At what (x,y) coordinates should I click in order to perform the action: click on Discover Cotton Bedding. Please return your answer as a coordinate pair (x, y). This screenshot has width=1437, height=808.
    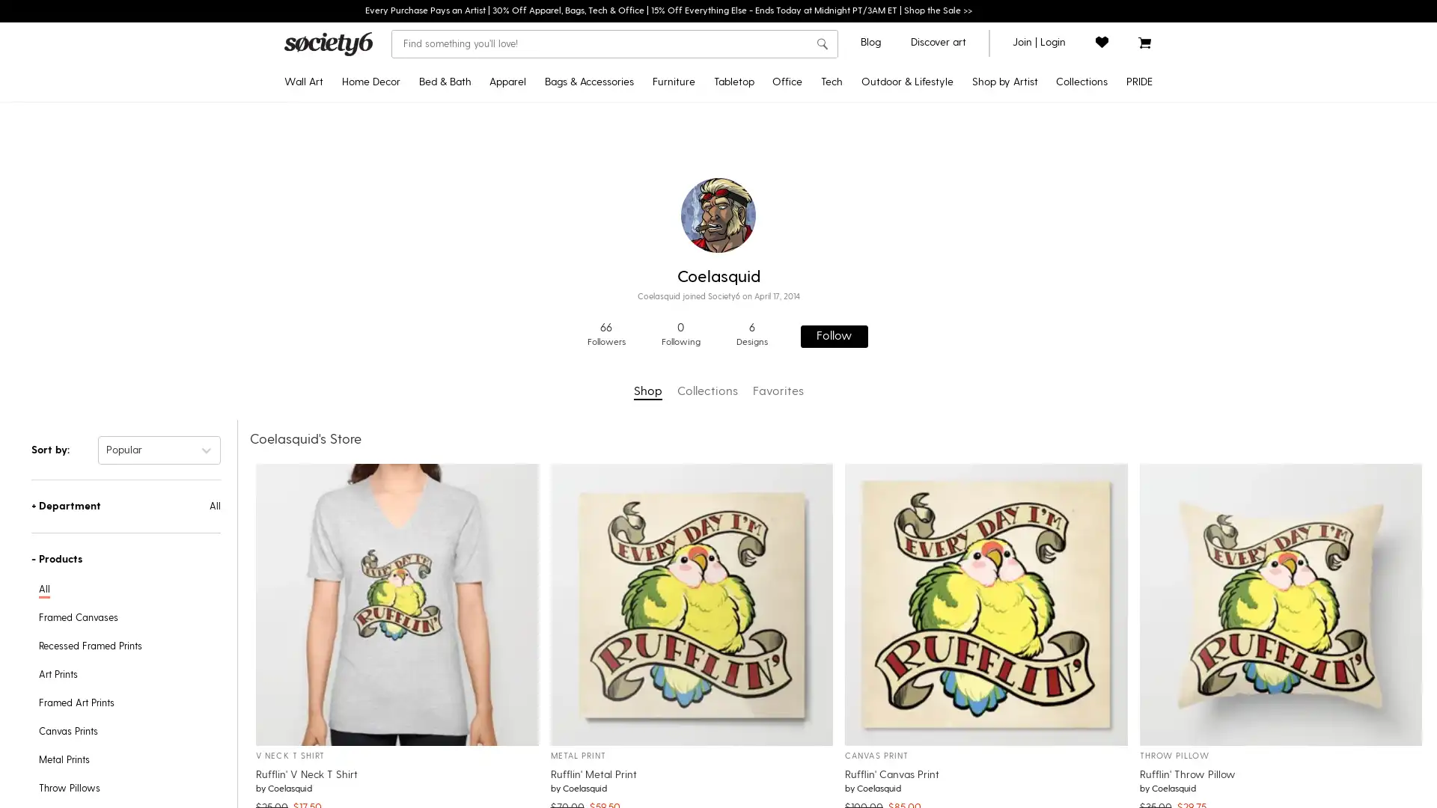
    Looking at the image, I should click on (1026, 385).